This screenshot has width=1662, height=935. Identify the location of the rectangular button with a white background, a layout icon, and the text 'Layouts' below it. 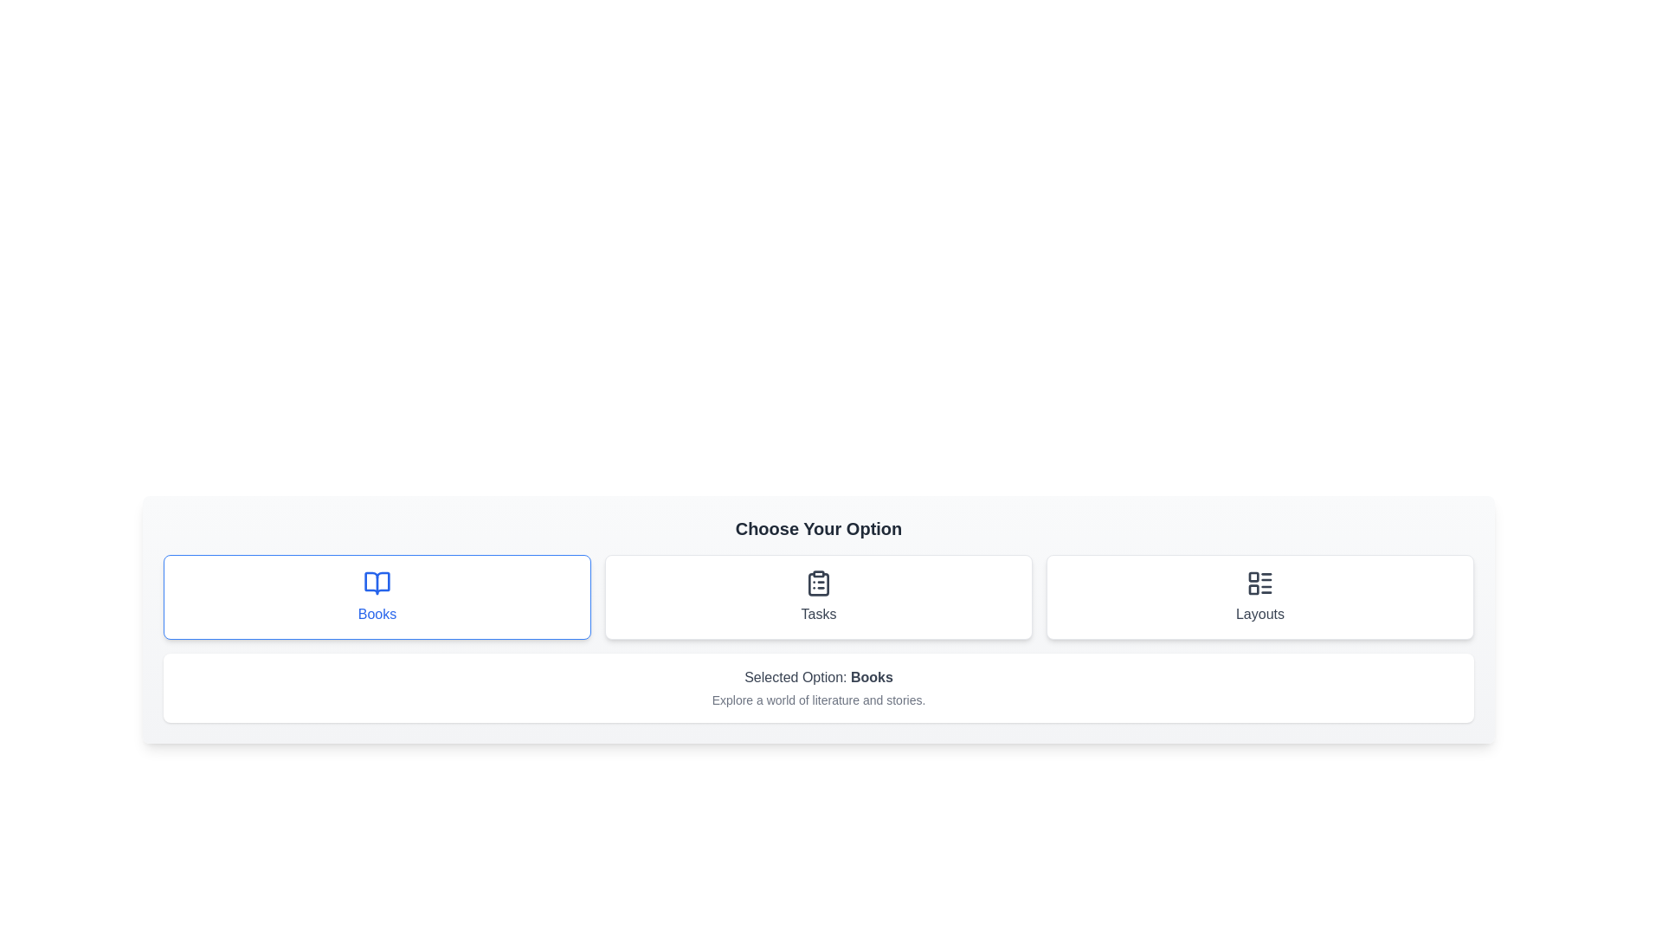
(1259, 596).